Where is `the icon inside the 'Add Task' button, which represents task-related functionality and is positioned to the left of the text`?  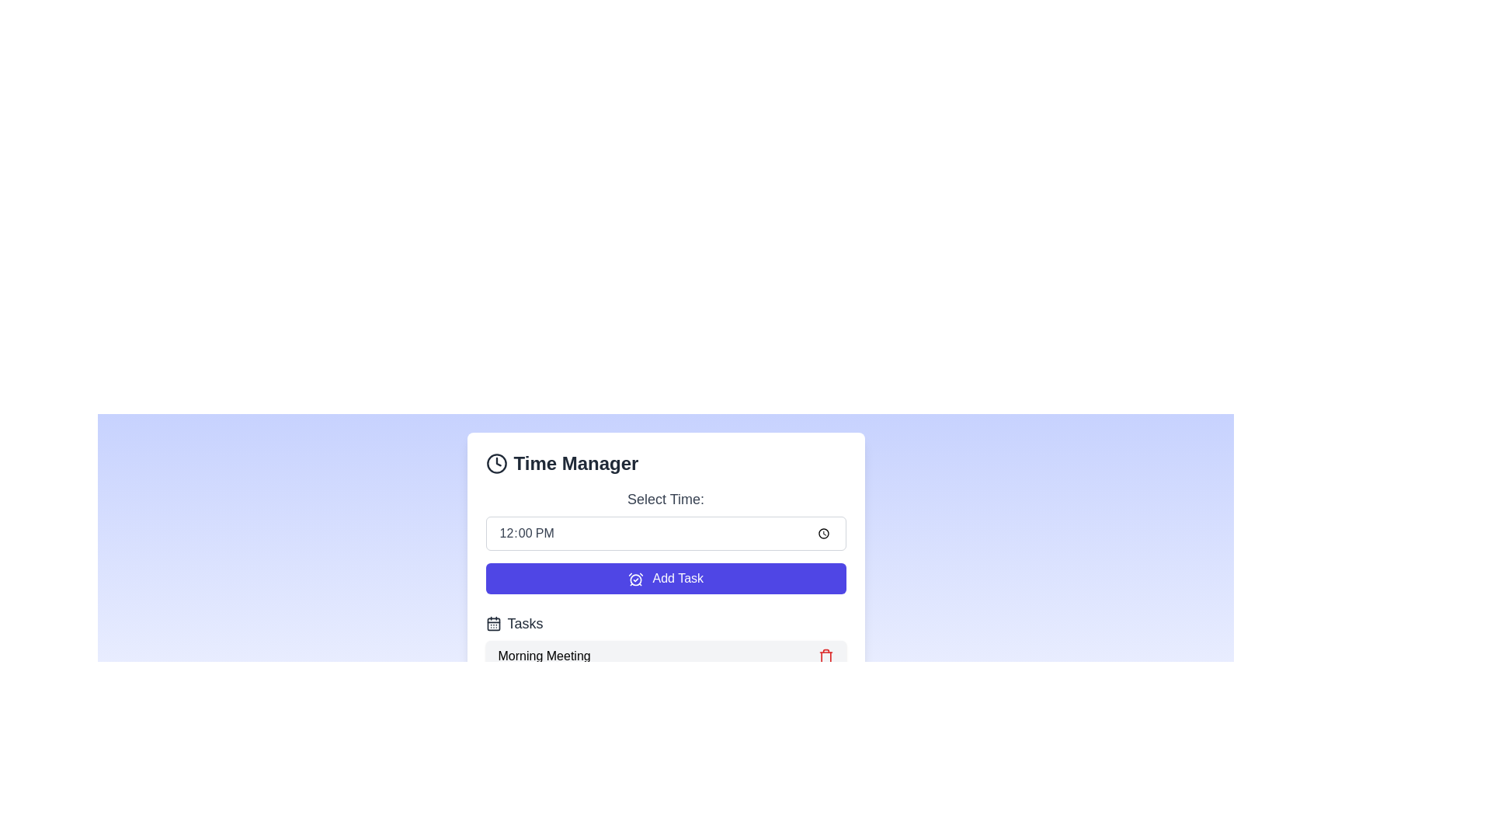
the icon inside the 'Add Task' button, which represents task-related functionality and is positioned to the left of the text is located at coordinates (635, 579).